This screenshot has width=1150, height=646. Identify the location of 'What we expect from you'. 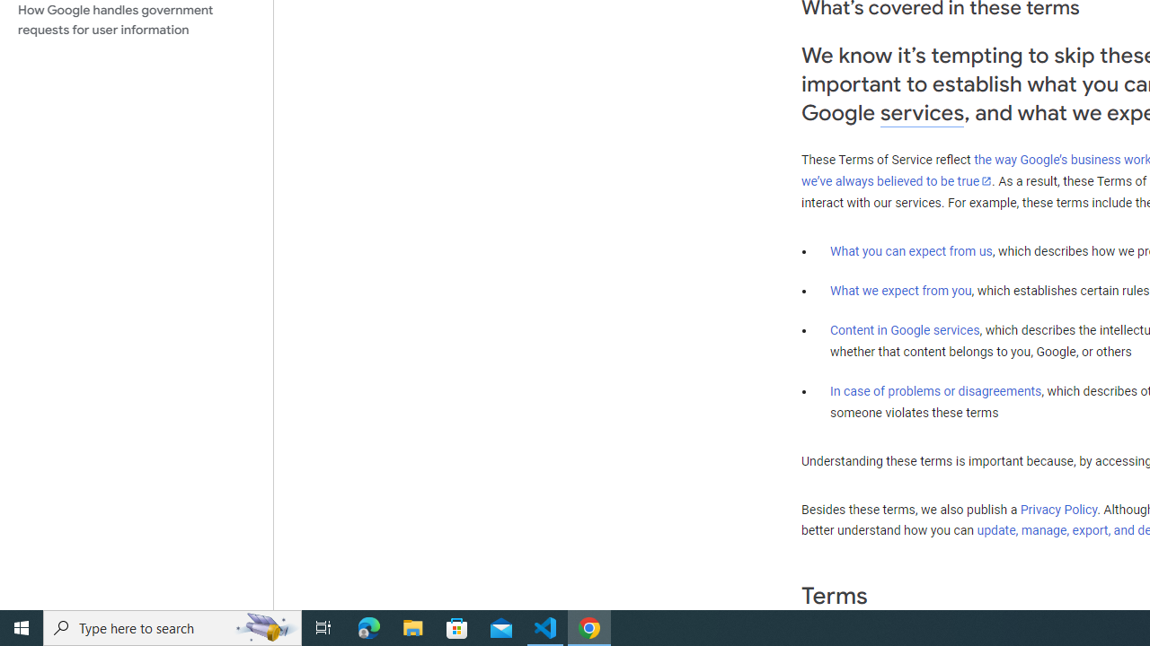
(900, 290).